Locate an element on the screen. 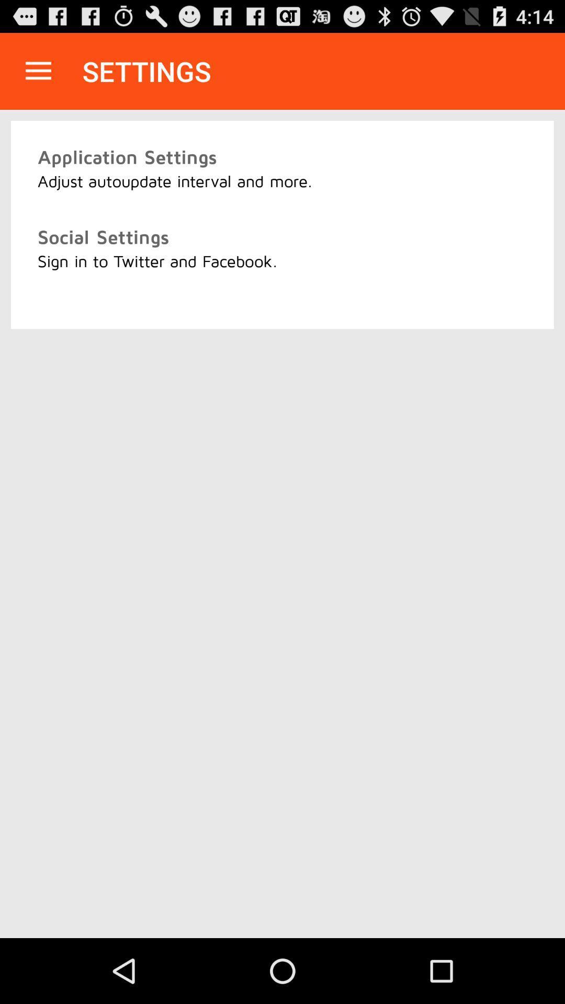  open menu is located at coordinates (38, 71).